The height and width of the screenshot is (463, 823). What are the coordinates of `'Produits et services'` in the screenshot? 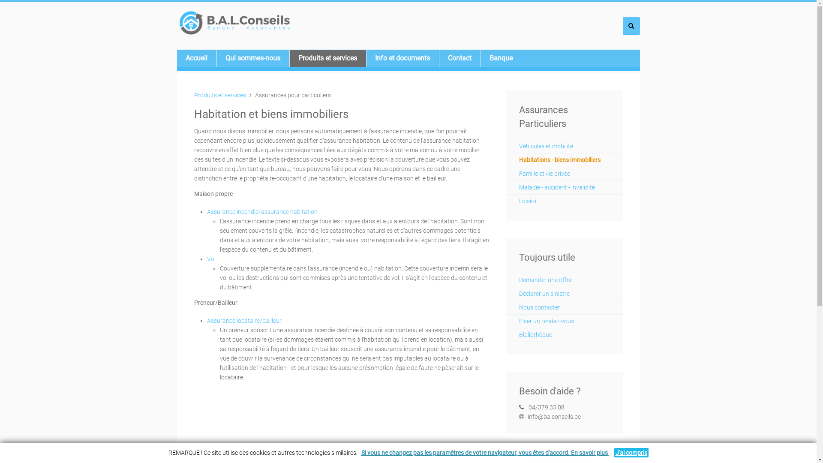 It's located at (327, 58).